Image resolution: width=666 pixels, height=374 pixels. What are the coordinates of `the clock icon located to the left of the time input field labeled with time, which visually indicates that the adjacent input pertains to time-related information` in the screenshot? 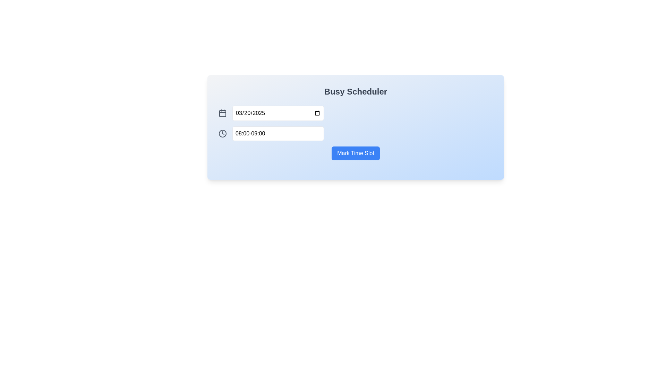 It's located at (223, 133).